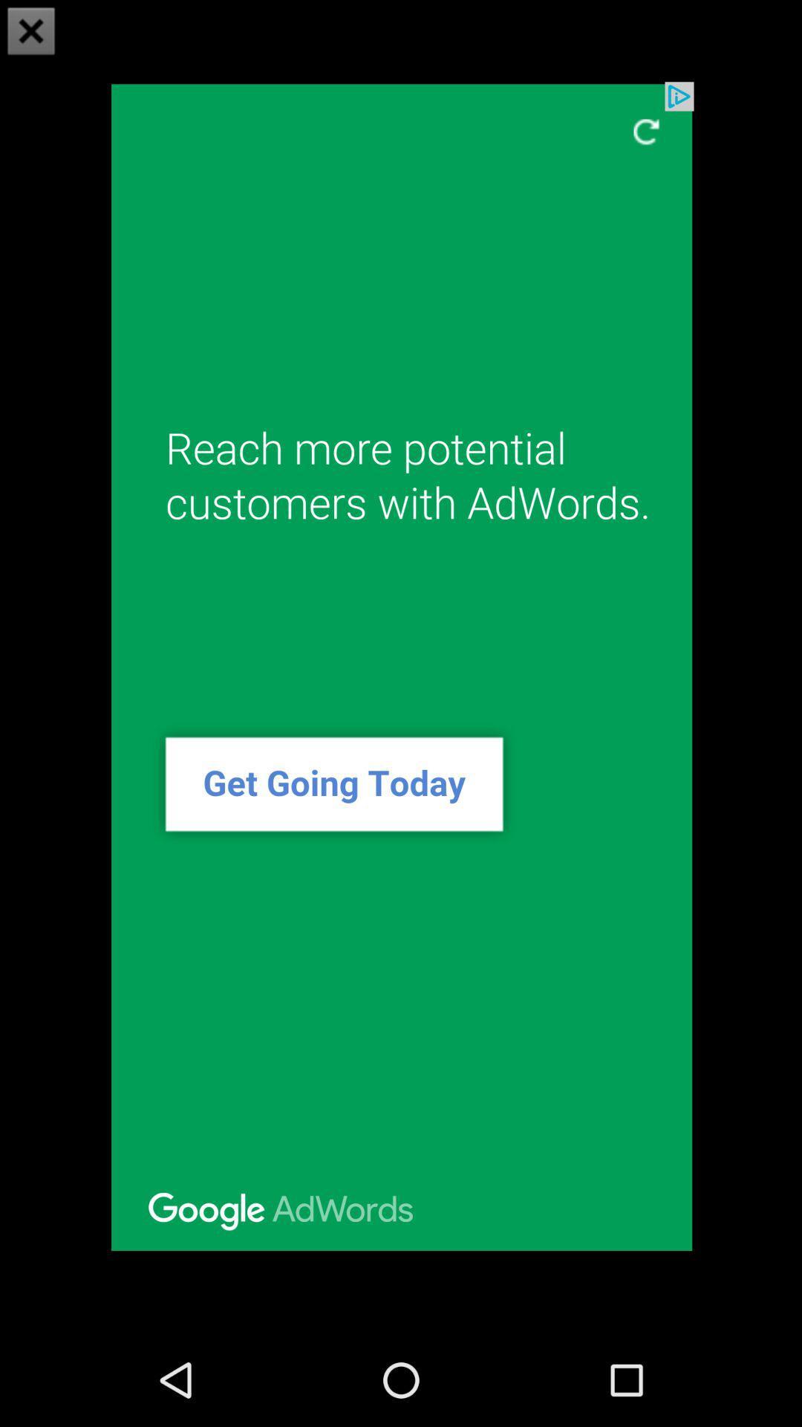 The width and height of the screenshot is (802, 1427). Describe the element at coordinates (31, 33) in the screenshot. I see `the close icon` at that location.